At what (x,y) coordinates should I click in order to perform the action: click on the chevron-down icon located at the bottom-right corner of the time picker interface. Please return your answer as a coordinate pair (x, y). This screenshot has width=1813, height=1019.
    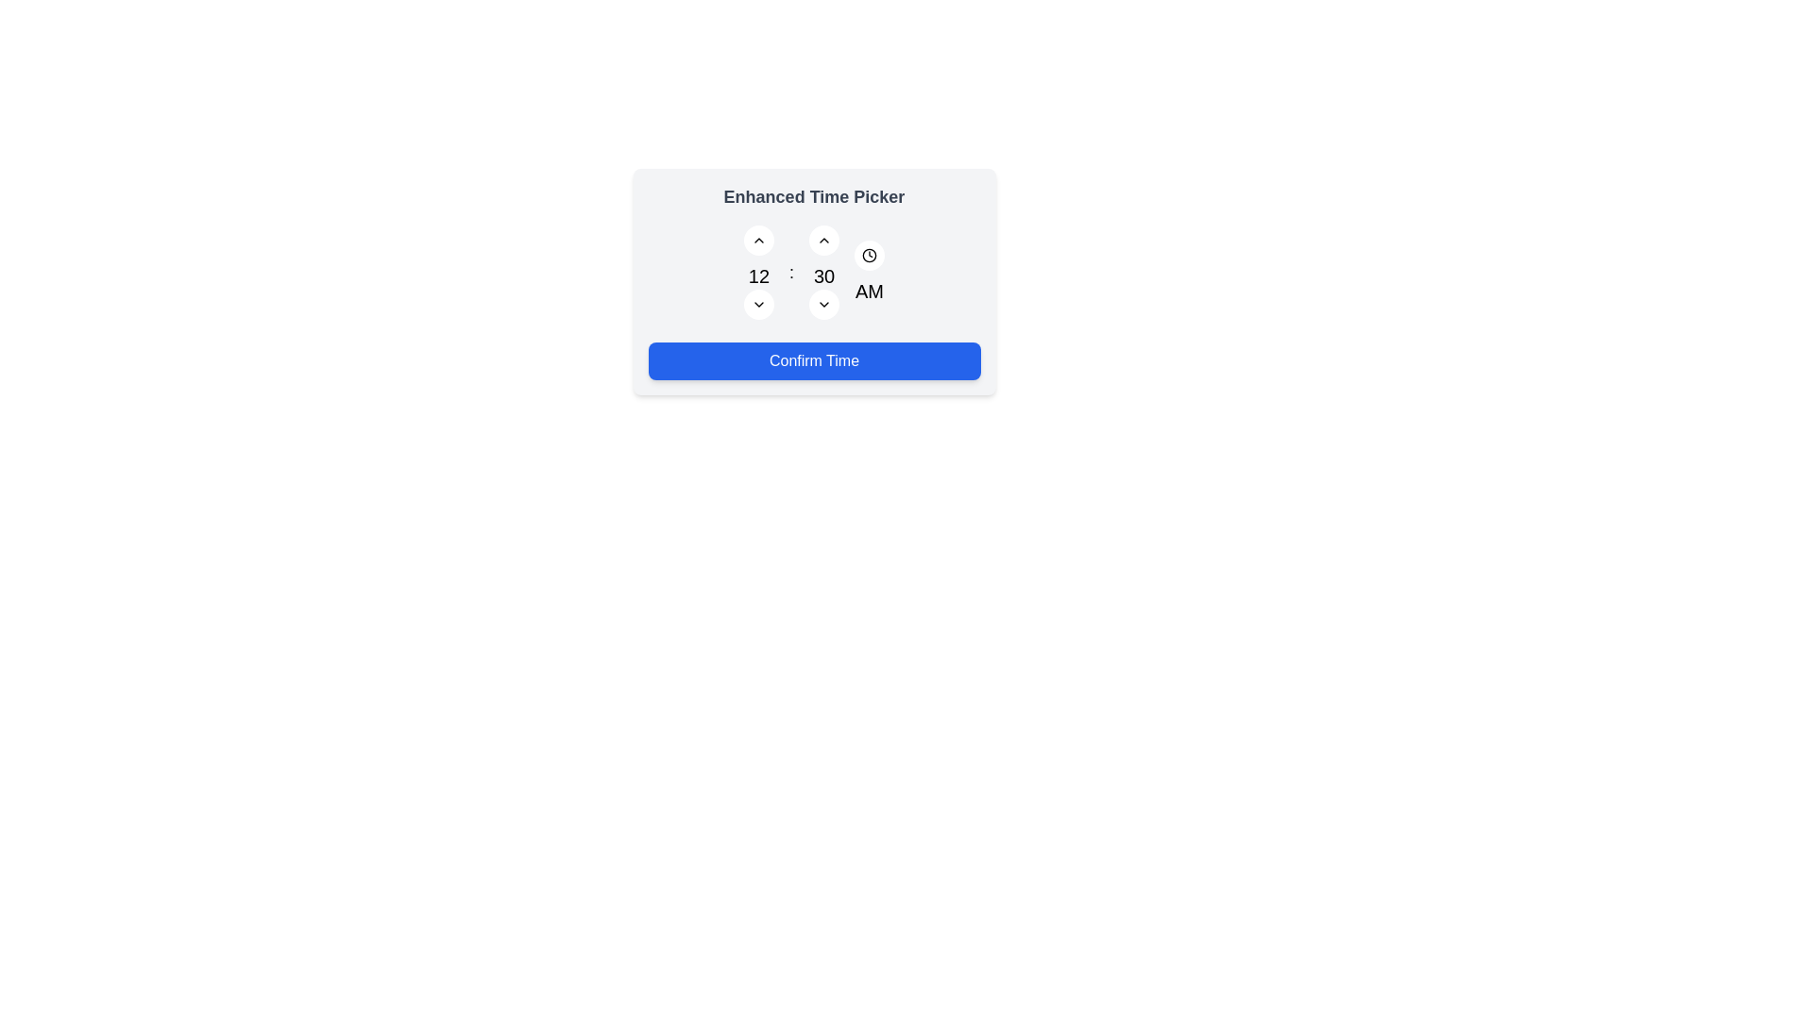
    Looking at the image, I should click on (824, 304).